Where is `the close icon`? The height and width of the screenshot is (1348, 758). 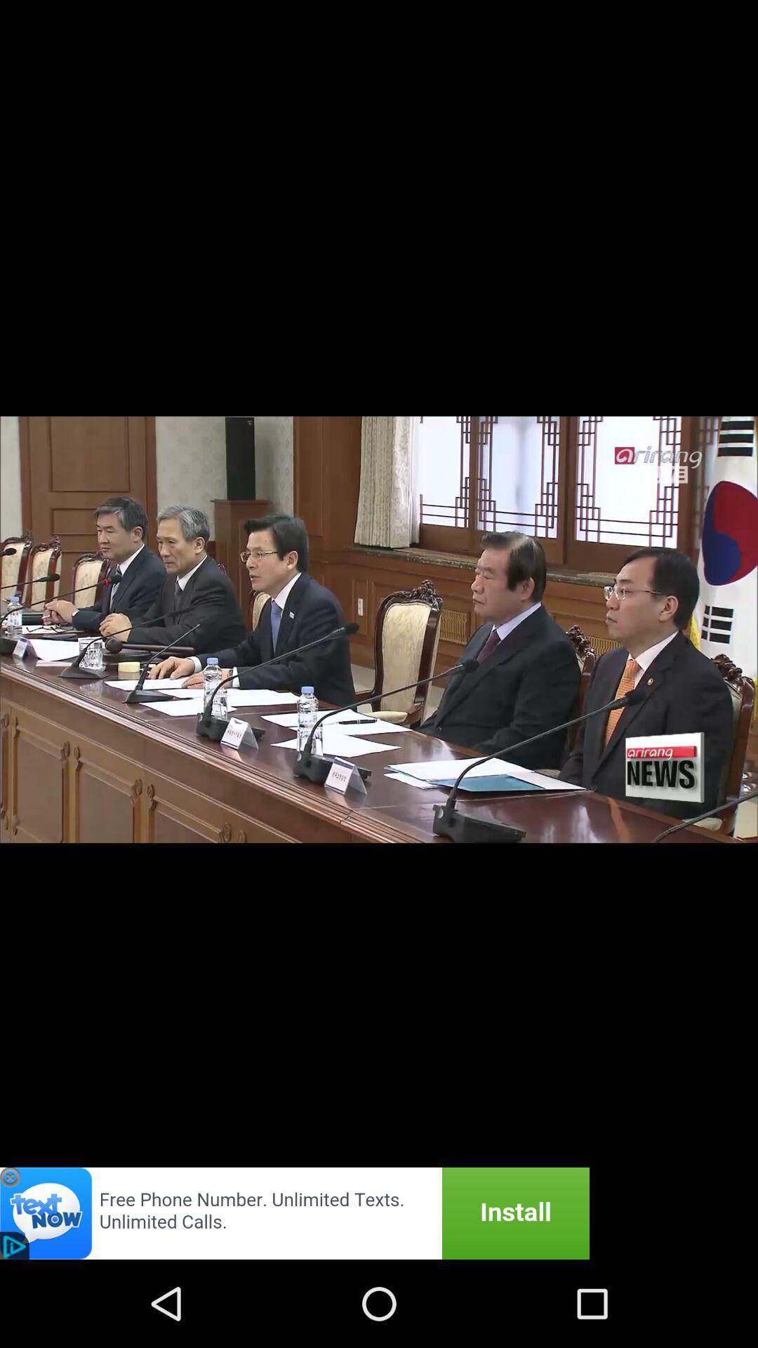 the close icon is located at coordinates (10, 1260).